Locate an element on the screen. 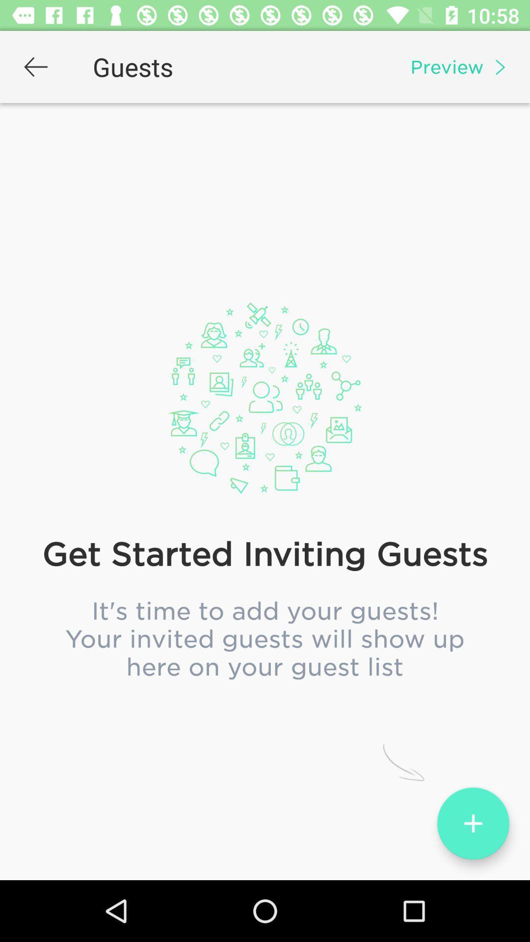 This screenshot has height=942, width=530. the add icon is located at coordinates (473, 823).